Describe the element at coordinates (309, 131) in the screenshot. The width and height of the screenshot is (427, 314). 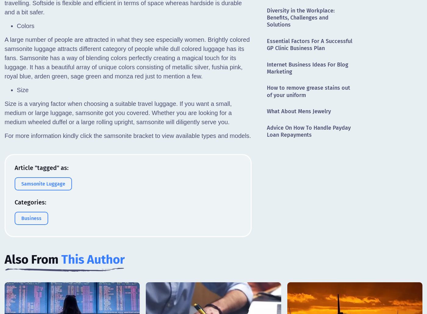
I see `'Advice On How To Handle Payday Loan Repayments'` at that location.